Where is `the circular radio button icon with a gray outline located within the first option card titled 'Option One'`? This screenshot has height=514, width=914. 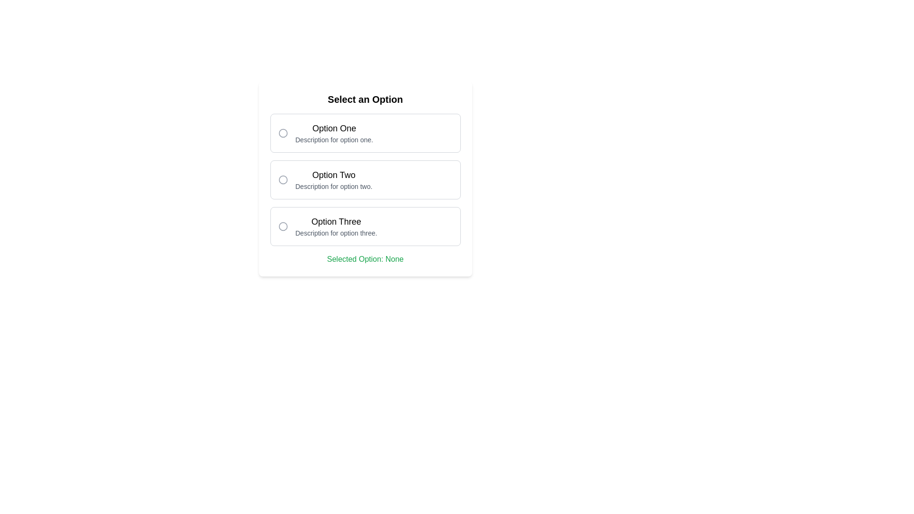 the circular radio button icon with a gray outline located within the first option card titled 'Option One' is located at coordinates (282, 133).